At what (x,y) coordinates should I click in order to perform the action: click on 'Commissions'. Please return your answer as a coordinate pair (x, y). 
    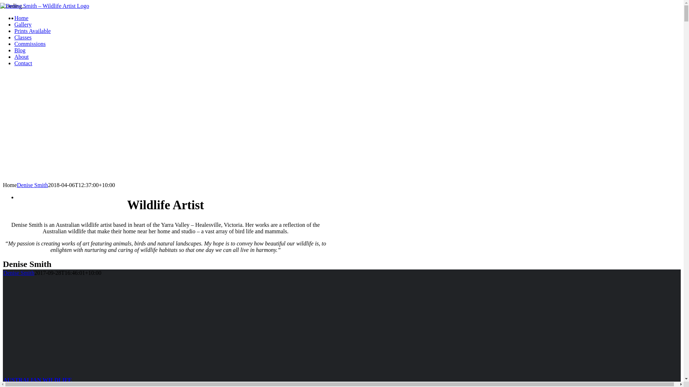
    Looking at the image, I should click on (14, 44).